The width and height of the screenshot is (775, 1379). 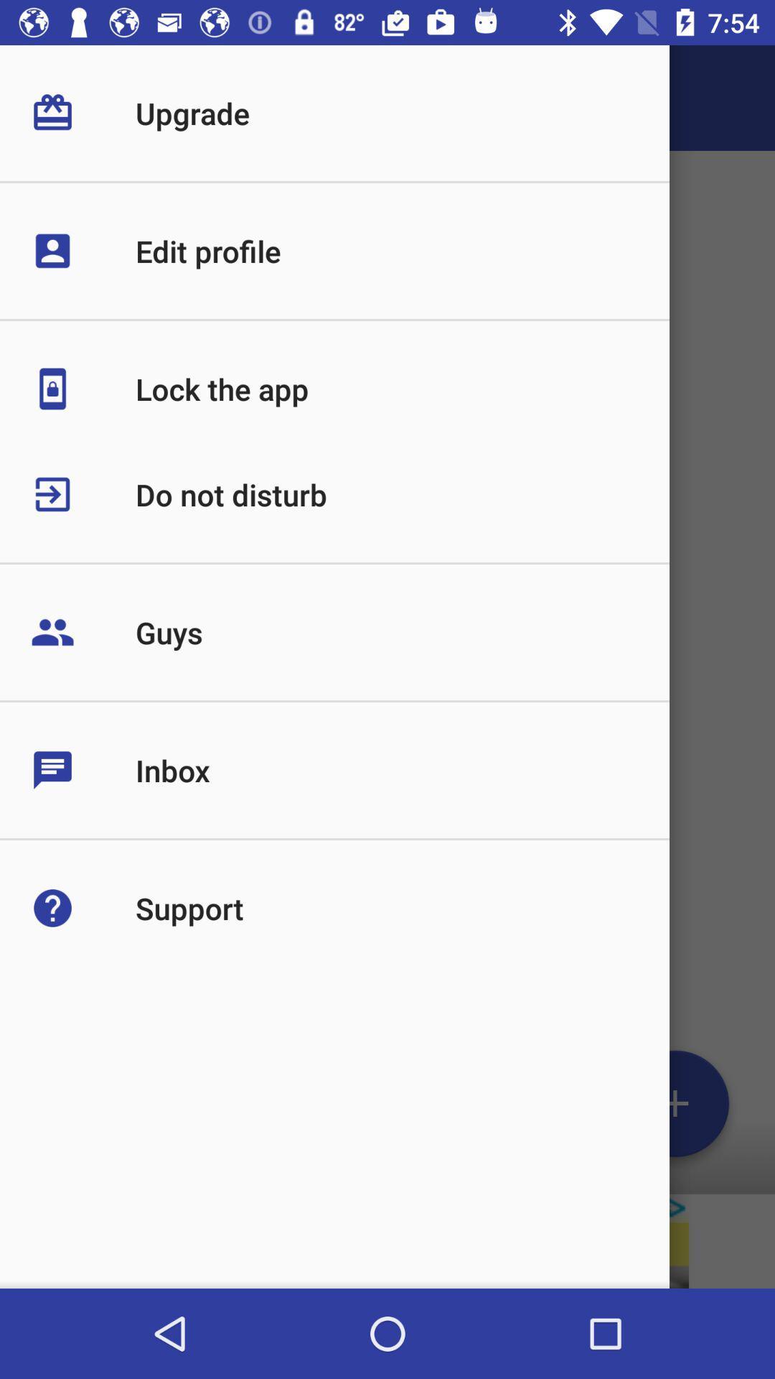 What do you see at coordinates (83, 769) in the screenshot?
I see `icon beside inbox` at bounding box center [83, 769].